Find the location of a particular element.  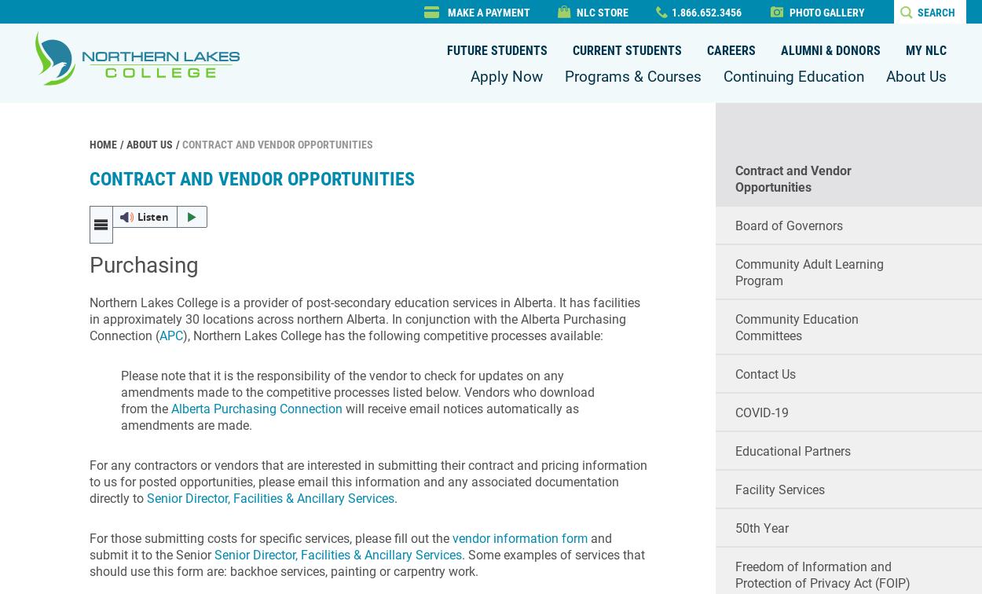

'Community Education Committees' is located at coordinates (735, 327).